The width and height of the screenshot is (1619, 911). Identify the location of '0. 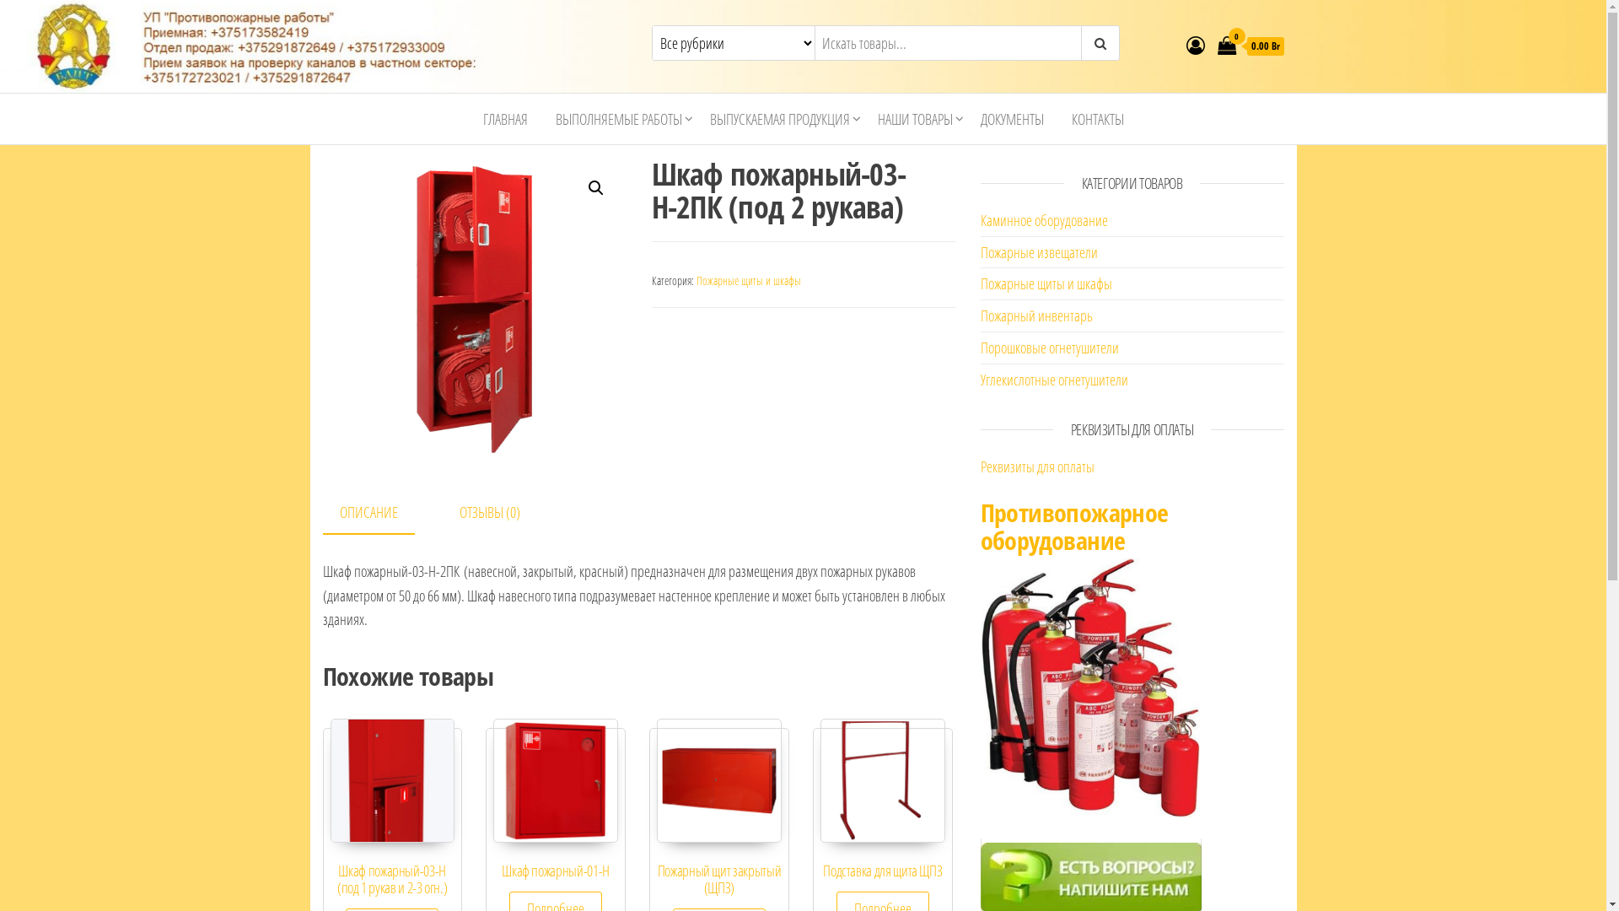
(1251, 45).